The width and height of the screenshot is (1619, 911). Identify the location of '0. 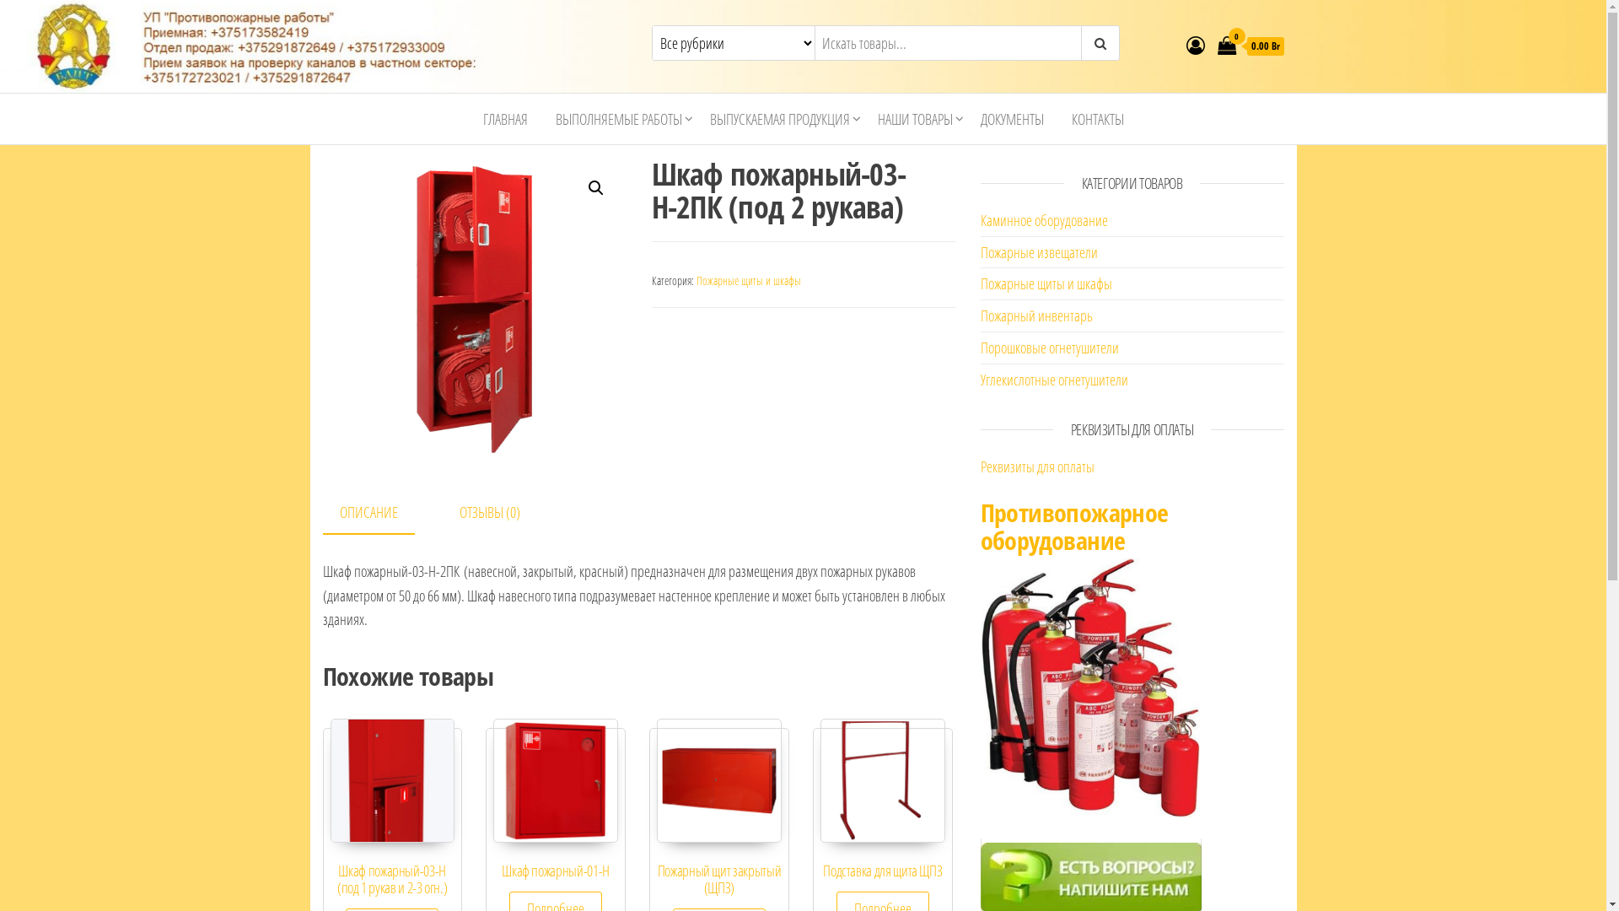
(1251, 45).